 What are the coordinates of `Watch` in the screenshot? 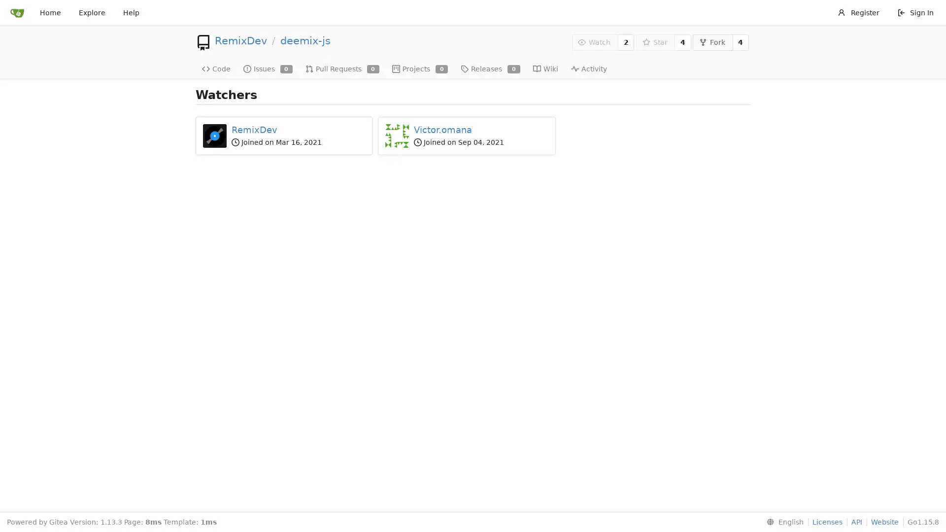 It's located at (594, 41).